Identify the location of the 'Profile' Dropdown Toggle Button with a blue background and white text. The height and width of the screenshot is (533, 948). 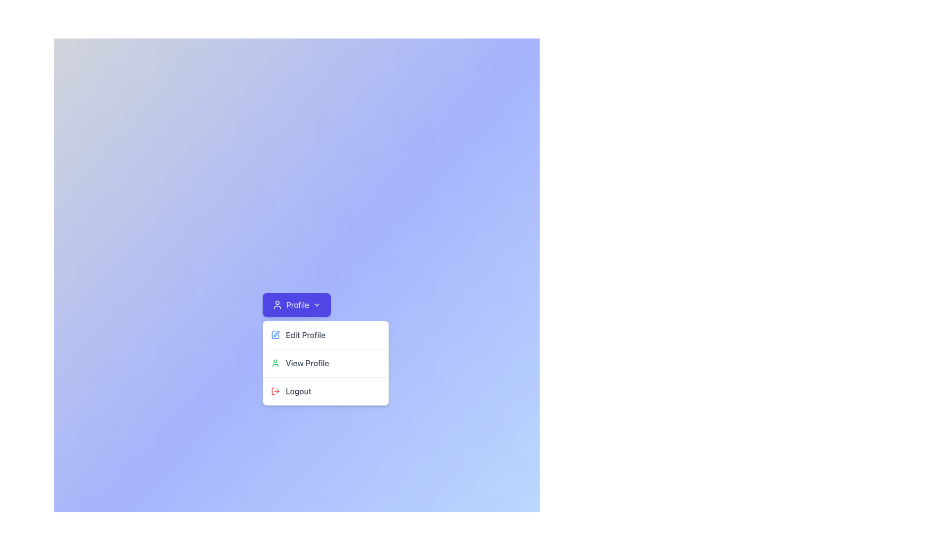
(296, 304).